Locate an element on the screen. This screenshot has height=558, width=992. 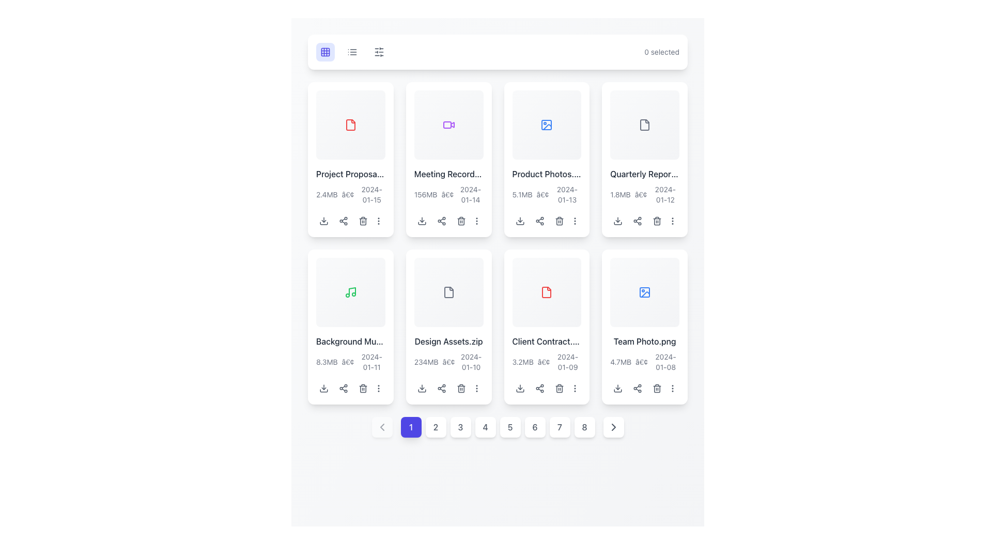
the download icon button located at the bottom-left corner of the fourth card in the second row of the grid layout to download the associated file is located at coordinates (618, 220).